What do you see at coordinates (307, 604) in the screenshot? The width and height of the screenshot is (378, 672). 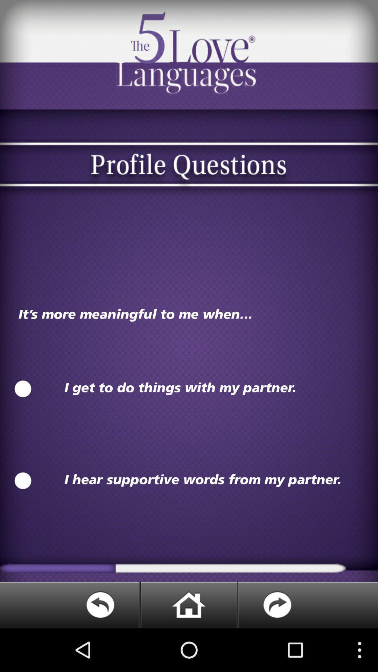 I see `next page` at bounding box center [307, 604].